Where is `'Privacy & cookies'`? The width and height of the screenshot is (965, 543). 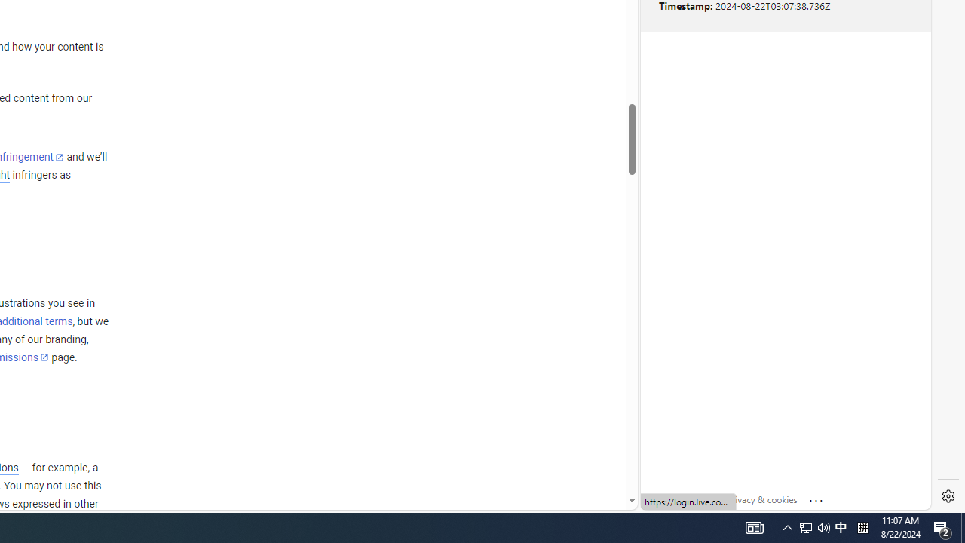 'Privacy & cookies' is located at coordinates (762, 499).